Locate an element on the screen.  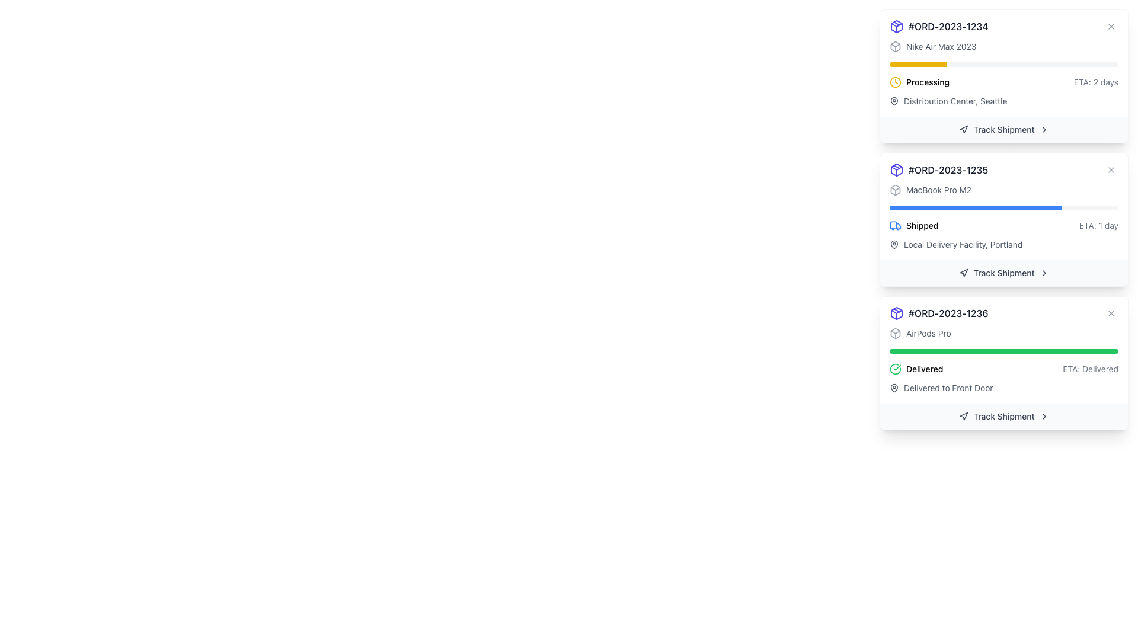
the progress indicator representing 25% completion of order '#ORD-2023-1234' in the progress bar above the 'Processing' text is located at coordinates (918, 64).